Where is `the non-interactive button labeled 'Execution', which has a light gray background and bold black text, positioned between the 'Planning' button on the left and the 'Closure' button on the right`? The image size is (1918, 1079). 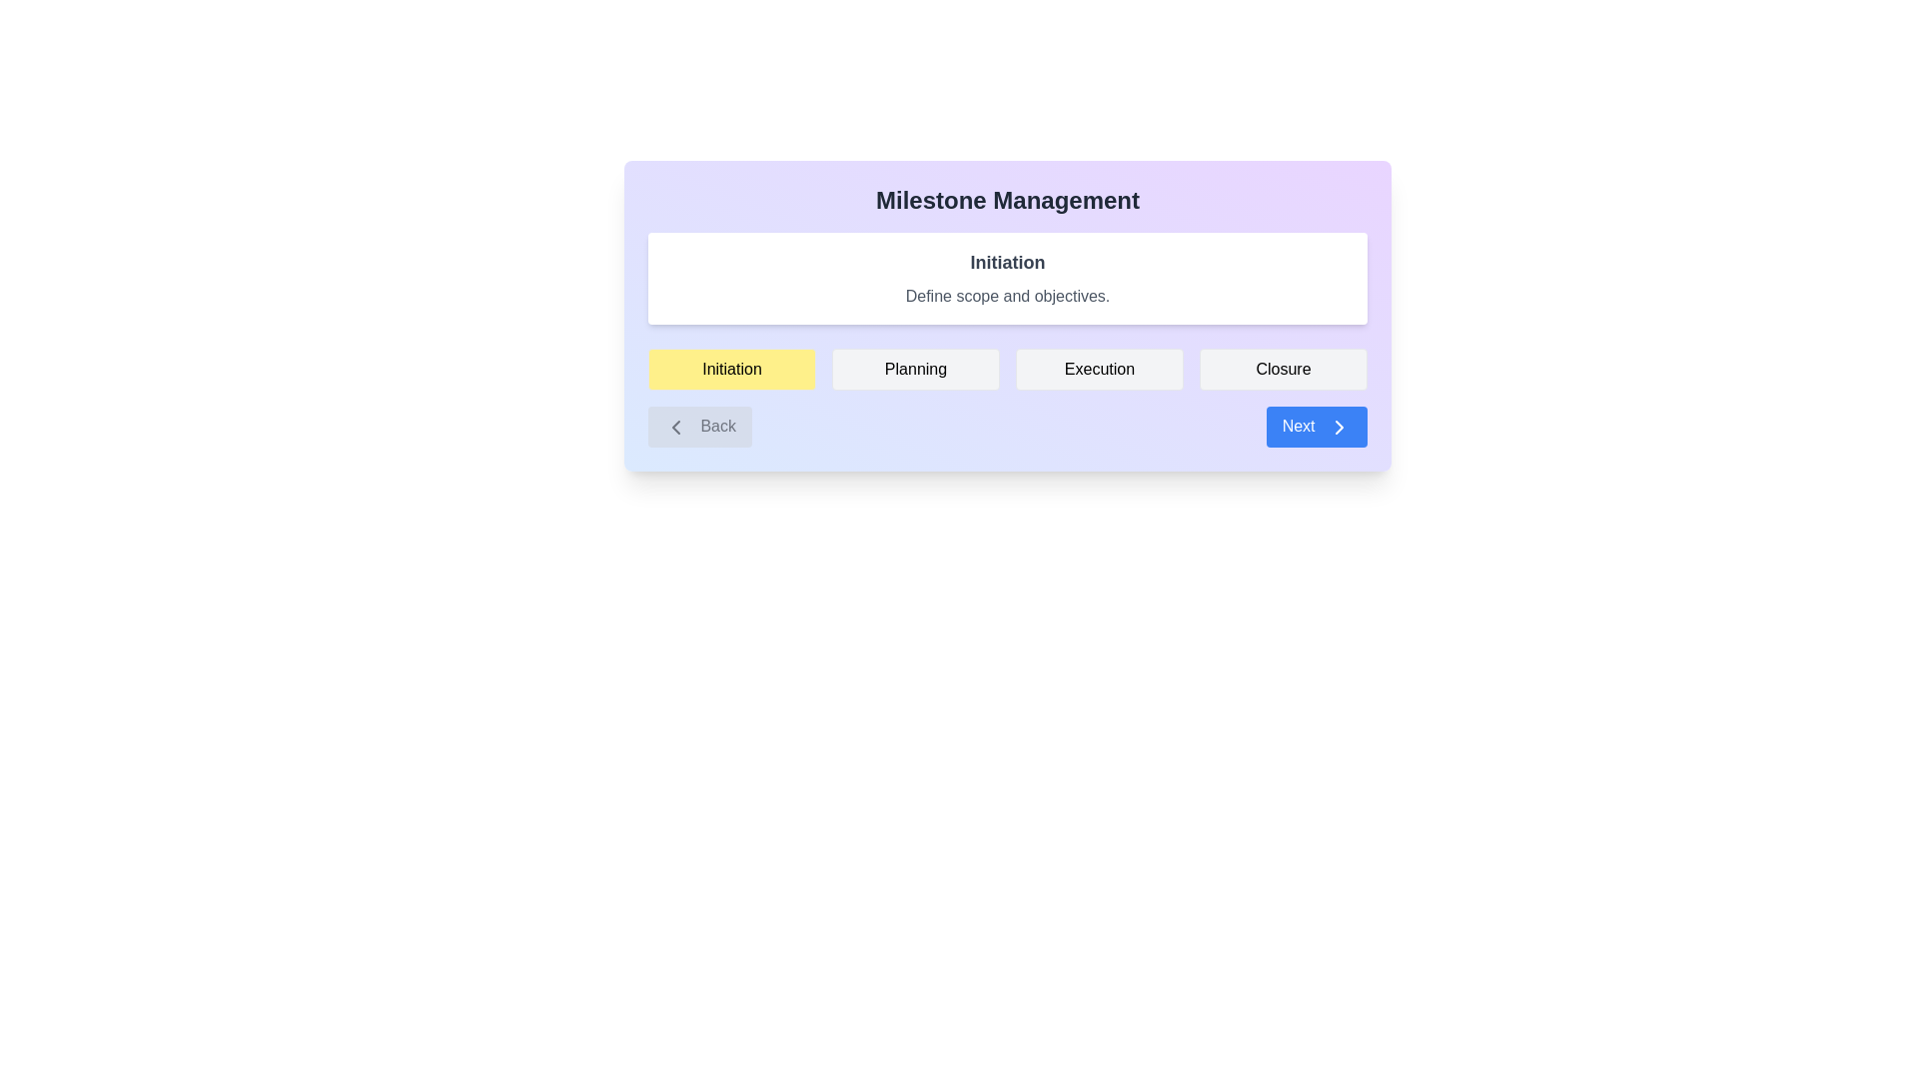 the non-interactive button labeled 'Execution', which has a light gray background and bold black text, positioned between the 'Planning' button on the left and the 'Closure' button on the right is located at coordinates (1098, 370).